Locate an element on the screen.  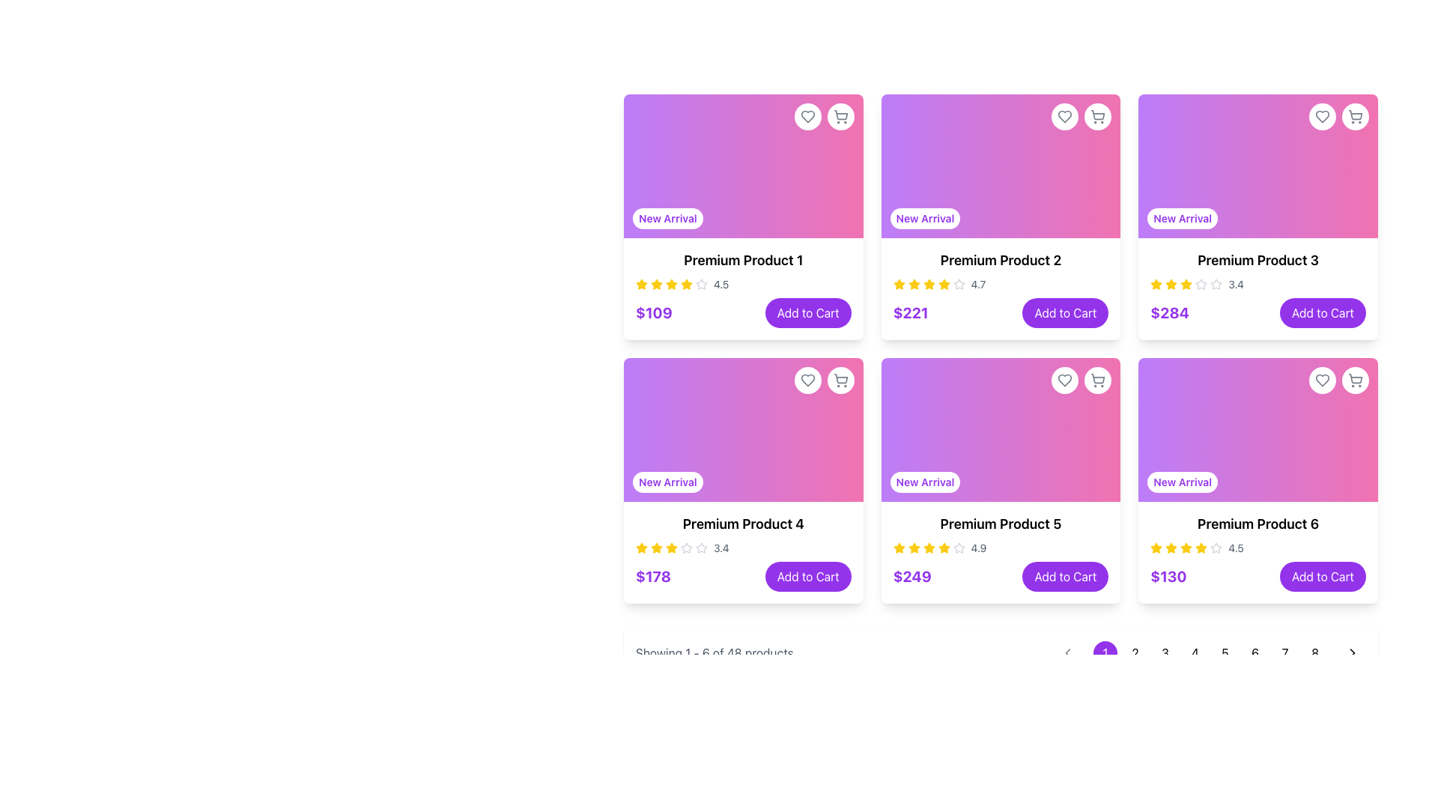
text label displaying the average rating score for the associated product located to the right of the yellow star icons in the 'Premium Product 6' card is located at coordinates (1236, 548).